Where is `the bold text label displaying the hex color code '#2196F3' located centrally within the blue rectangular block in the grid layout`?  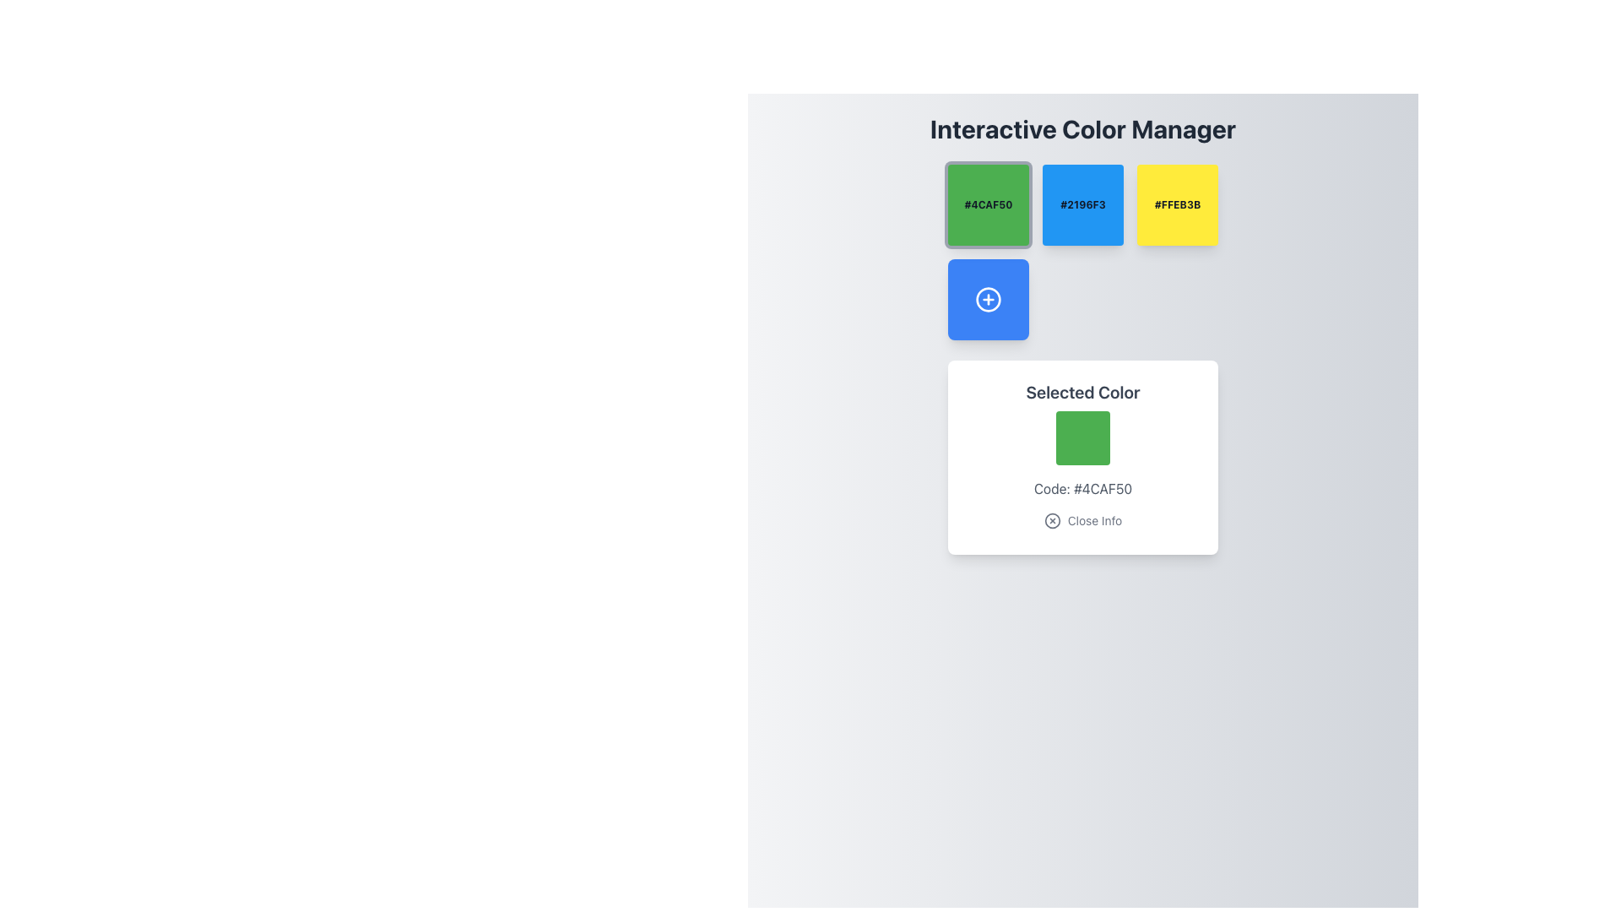
the bold text label displaying the hex color code '#2196F3' located centrally within the blue rectangular block in the grid layout is located at coordinates (1082, 204).